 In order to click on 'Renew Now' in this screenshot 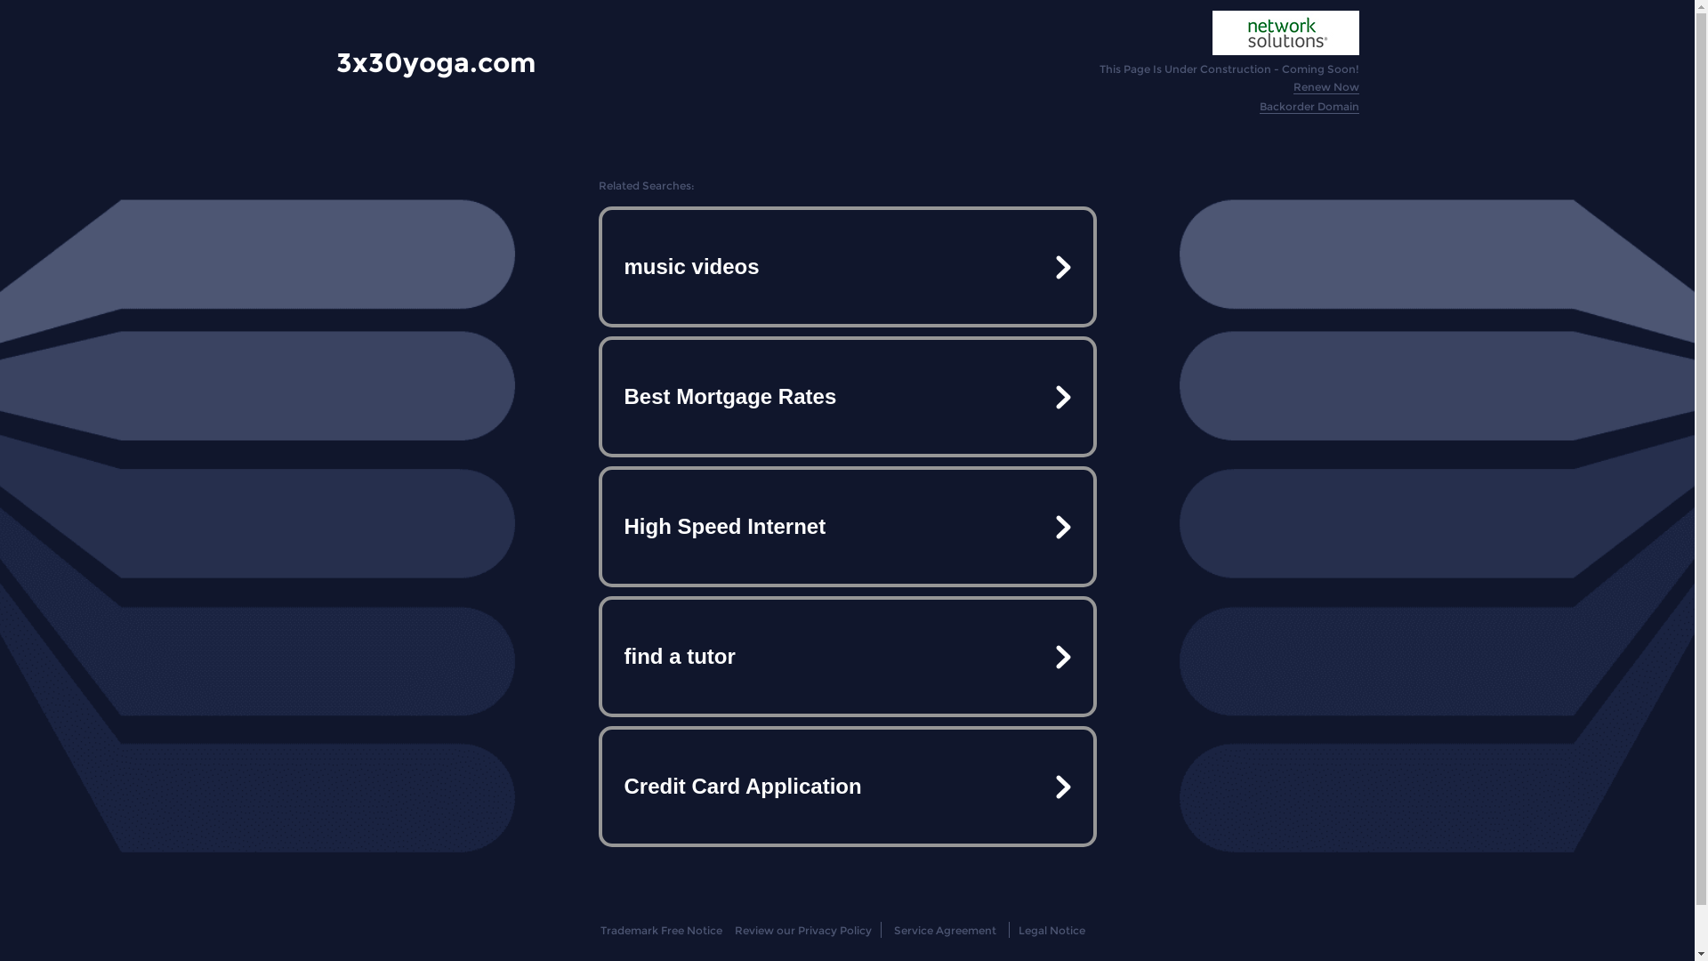, I will do `click(1326, 86)`.